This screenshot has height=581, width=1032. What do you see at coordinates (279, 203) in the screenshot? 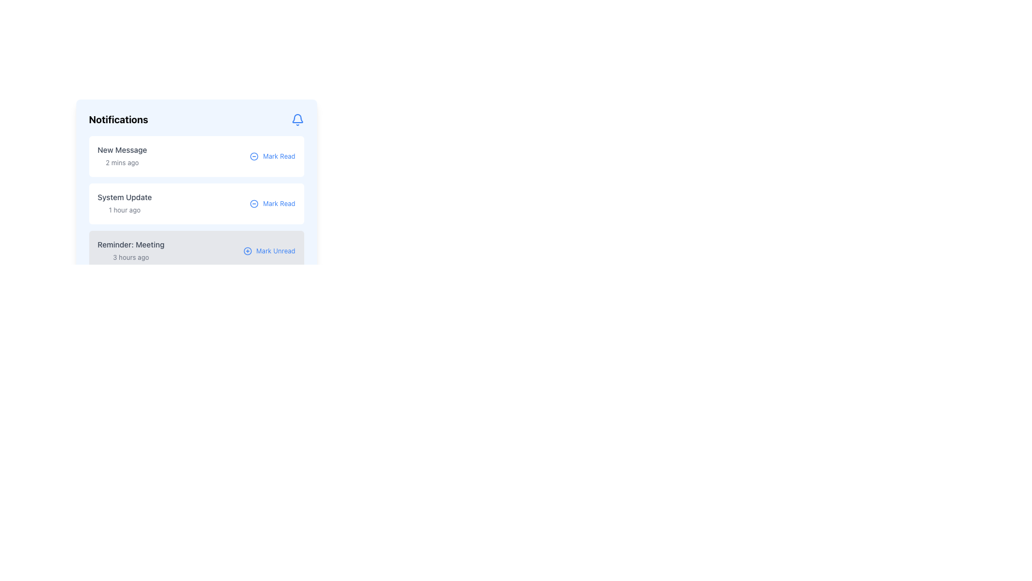
I see `the 'Mark Read' link located to the right of the 'System Update' entry in the notification list` at bounding box center [279, 203].